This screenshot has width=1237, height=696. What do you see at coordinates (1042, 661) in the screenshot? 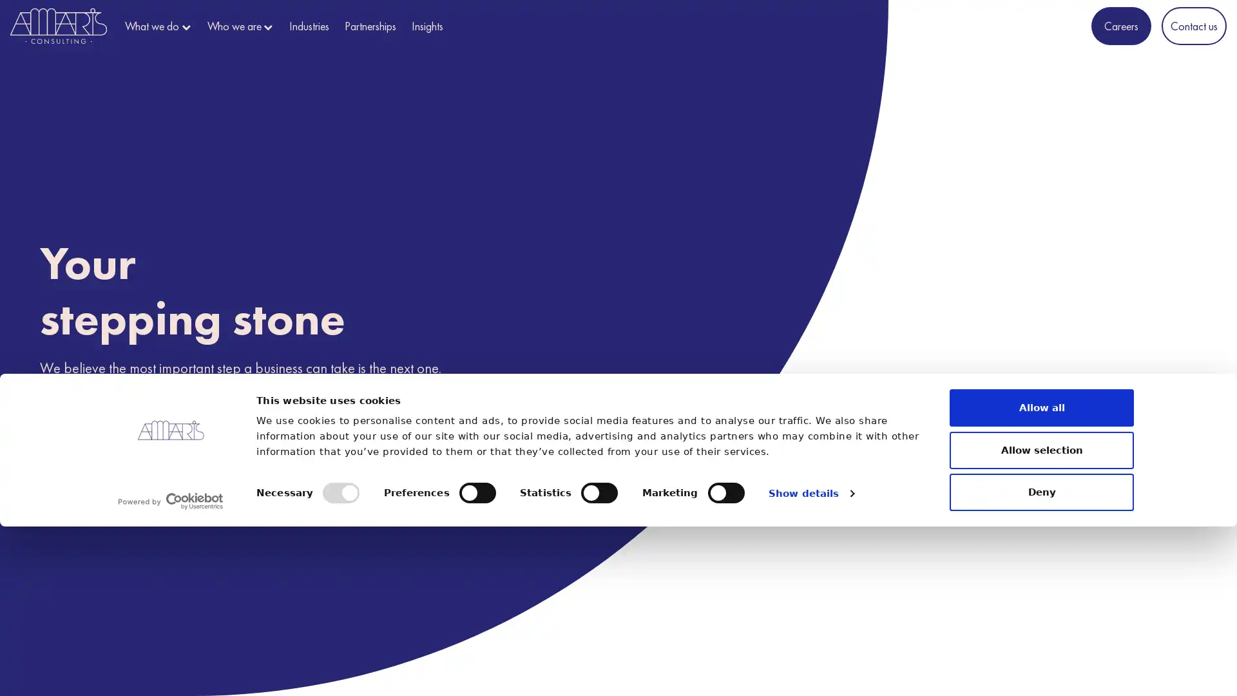
I see `Deny` at bounding box center [1042, 661].